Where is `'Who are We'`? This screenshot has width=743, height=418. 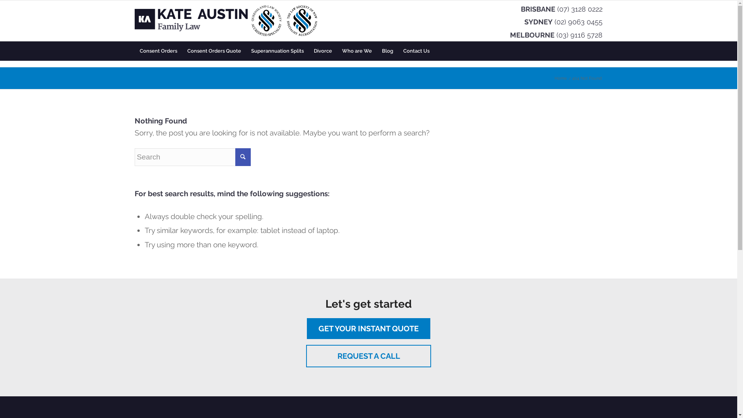
'Who are We' is located at coordinates (356, 51).